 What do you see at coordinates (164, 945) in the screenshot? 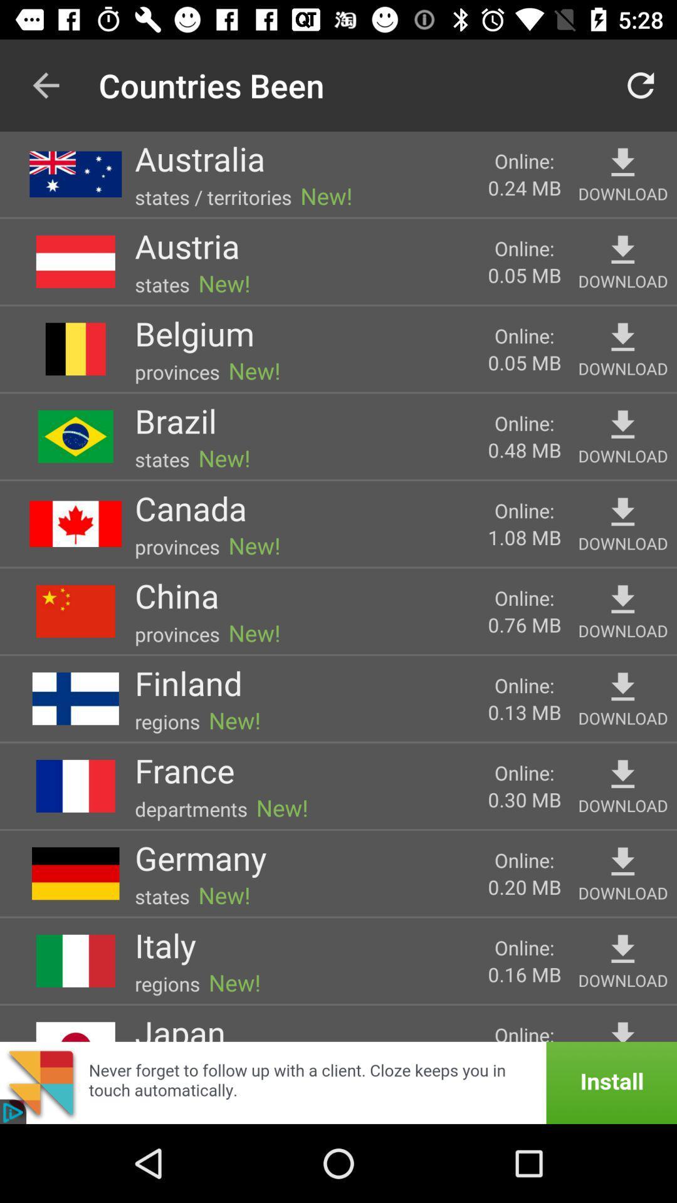
I see `the item to the left of the new! icon` at bounding box center [164, 945].